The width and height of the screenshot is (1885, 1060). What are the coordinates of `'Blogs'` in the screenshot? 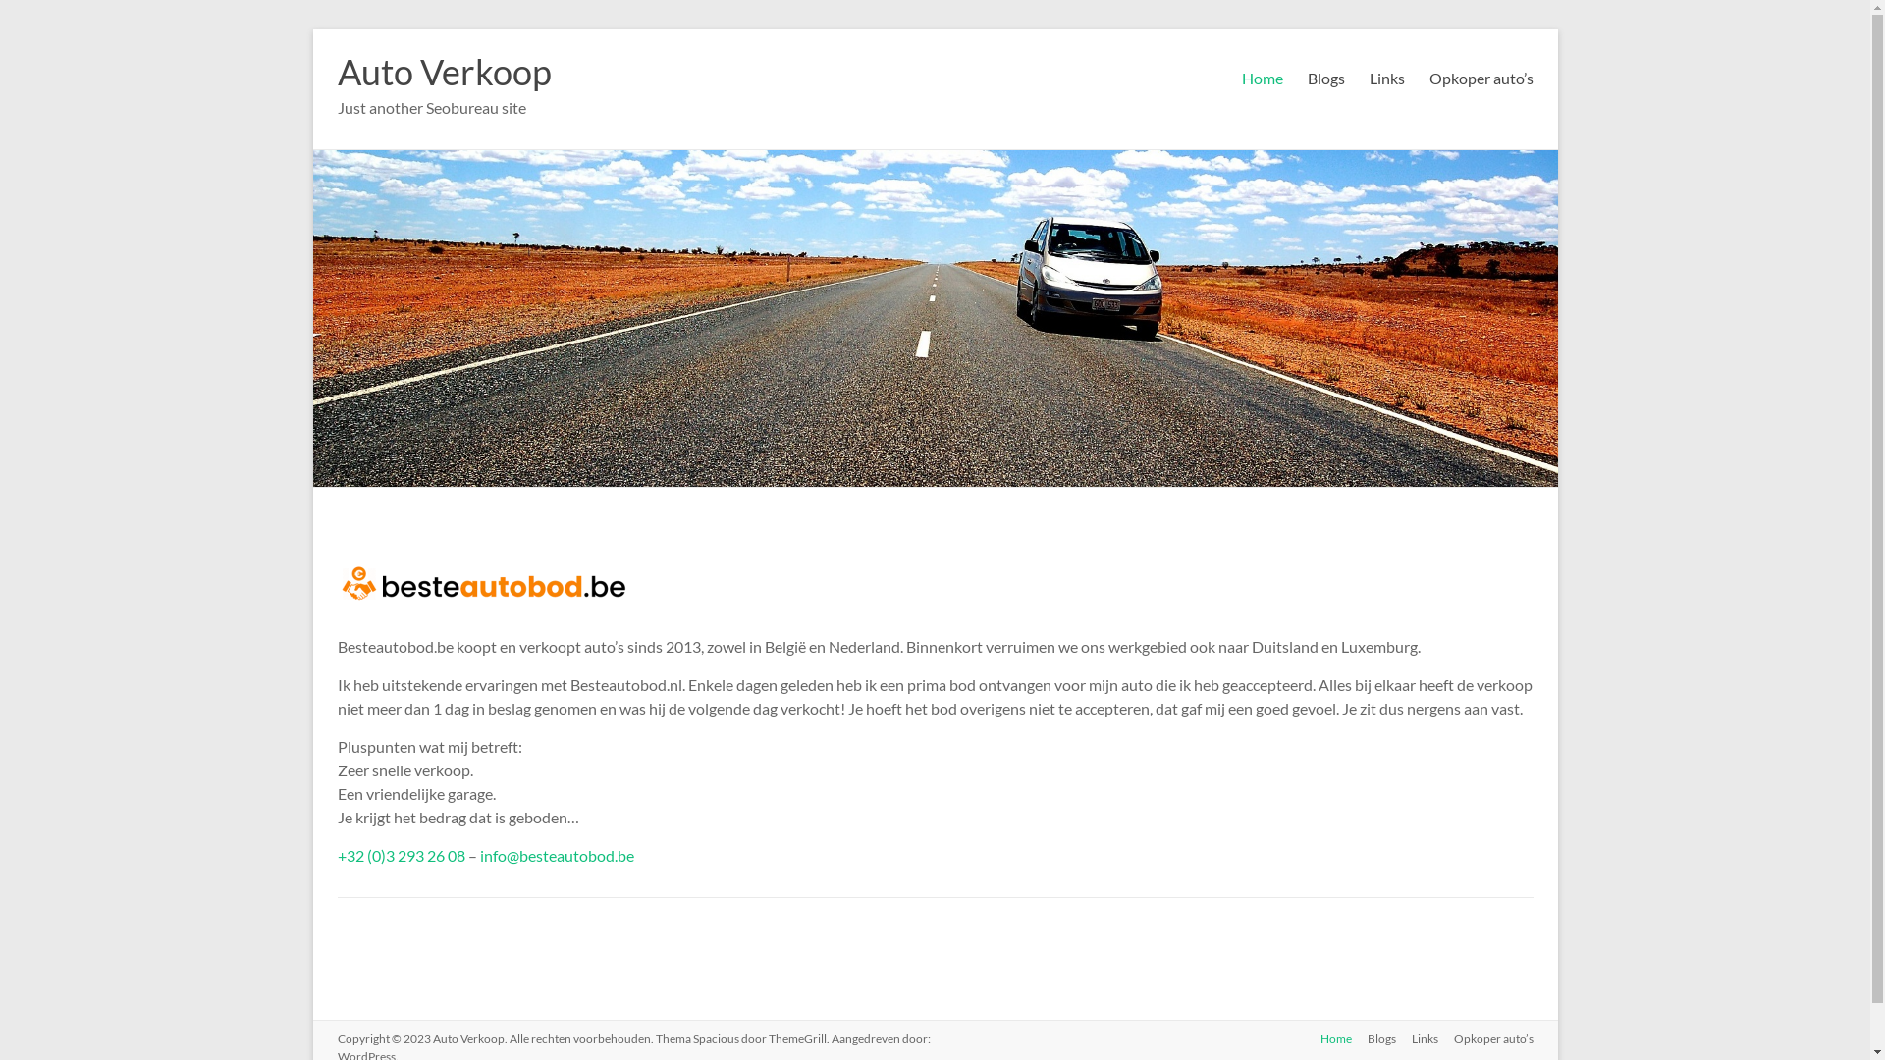 It's located at (1372, 1039).